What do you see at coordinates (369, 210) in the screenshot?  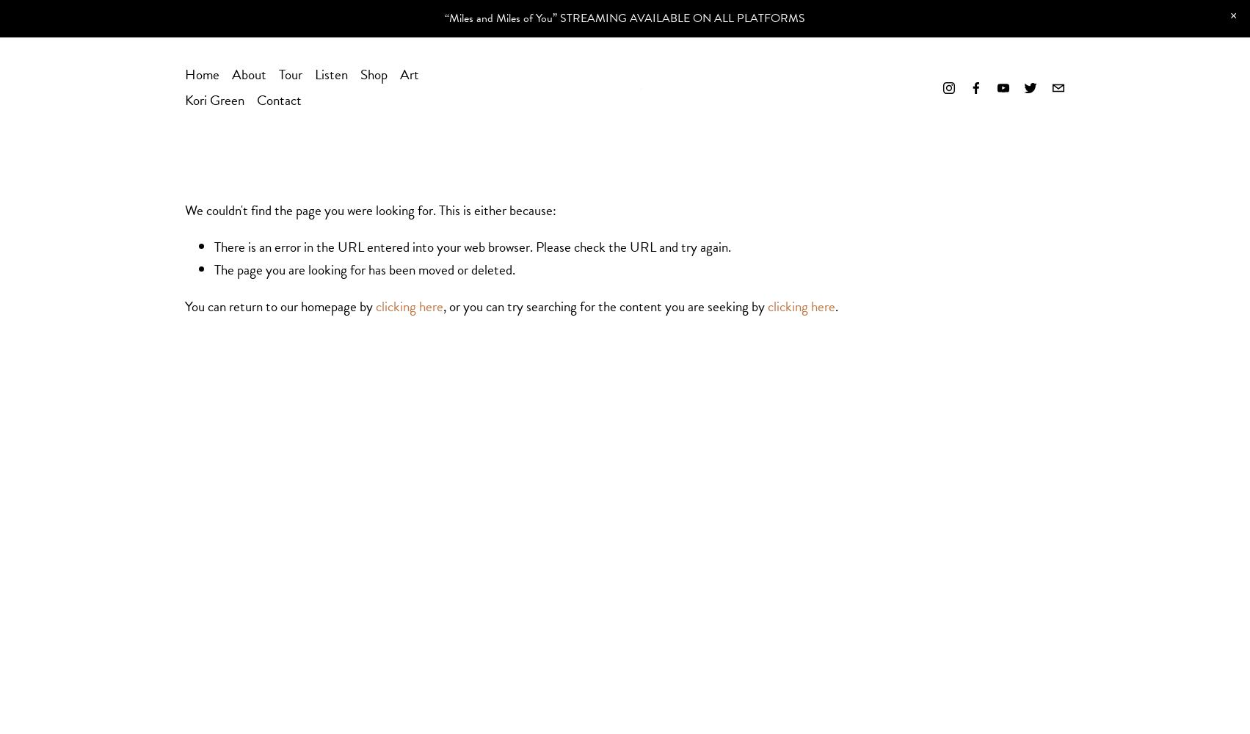 I see `'We couldn't find the page you were looking for. This is either because:'` at bounding box center [369, 210].